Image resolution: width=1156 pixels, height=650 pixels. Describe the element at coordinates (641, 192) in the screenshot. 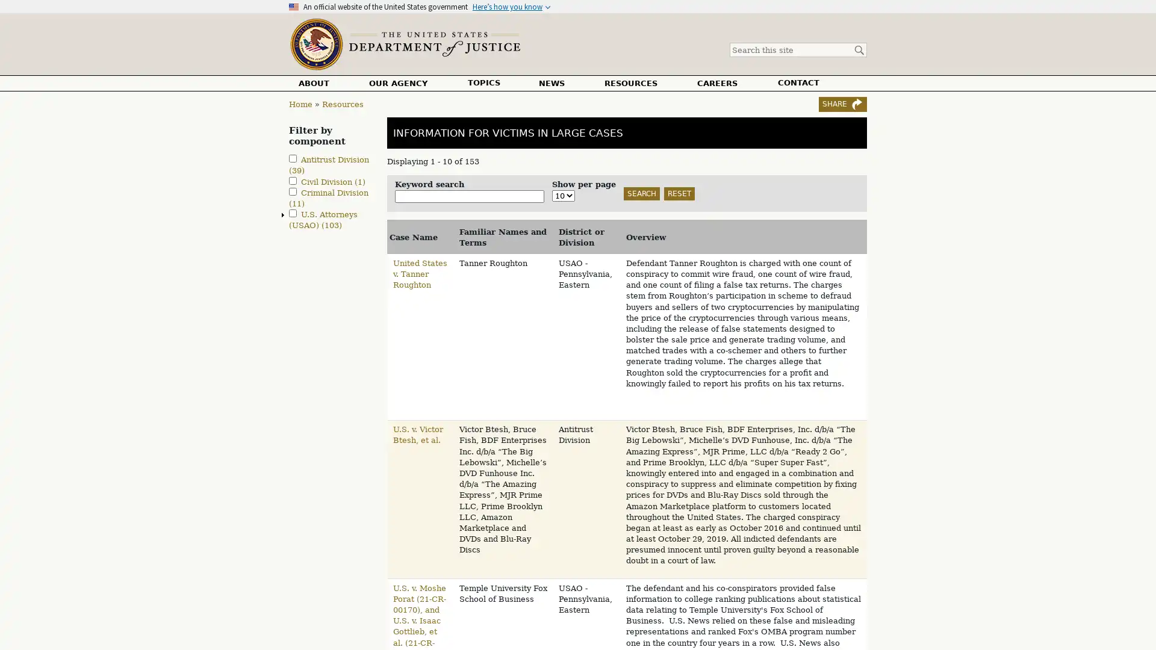

I see `Search` at that location.